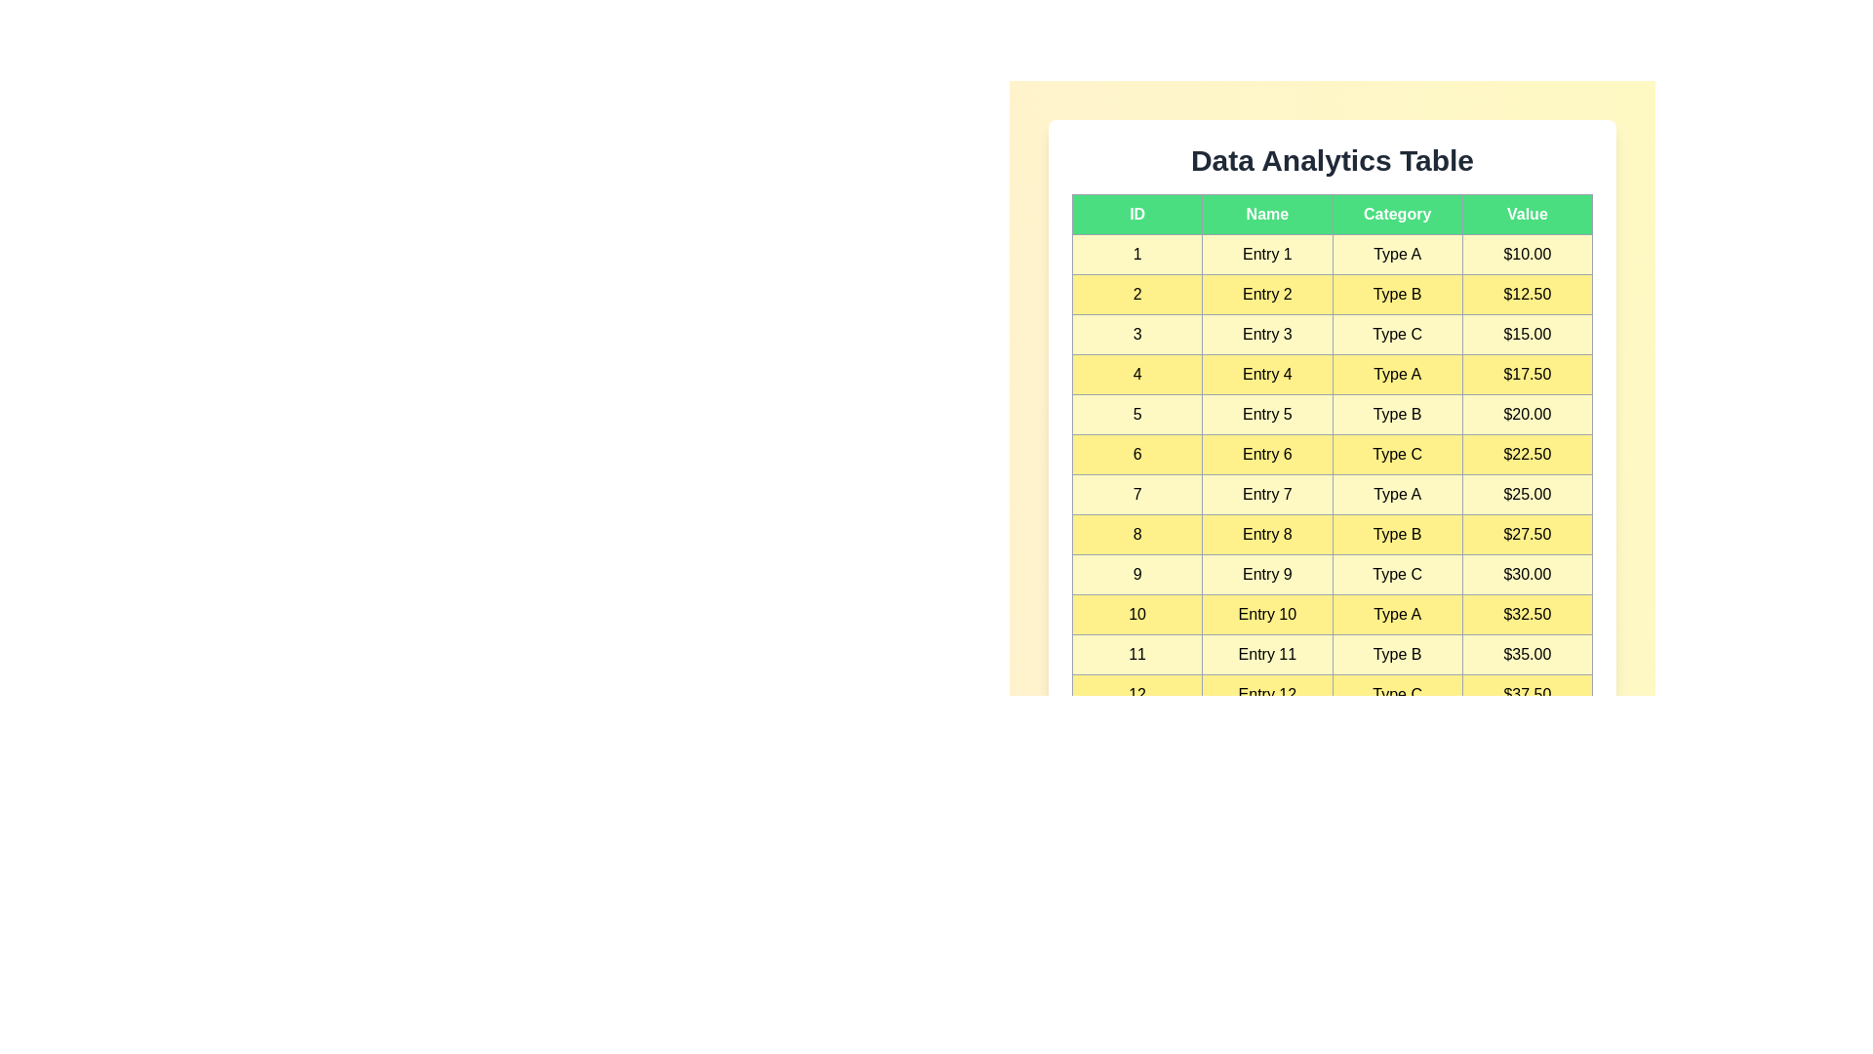 The width and height of the screenshot is (1873, 1054). Describe the element at coordinates (1267, 214) in the screenshot. I see `the column header Name to sort rows` at that location.